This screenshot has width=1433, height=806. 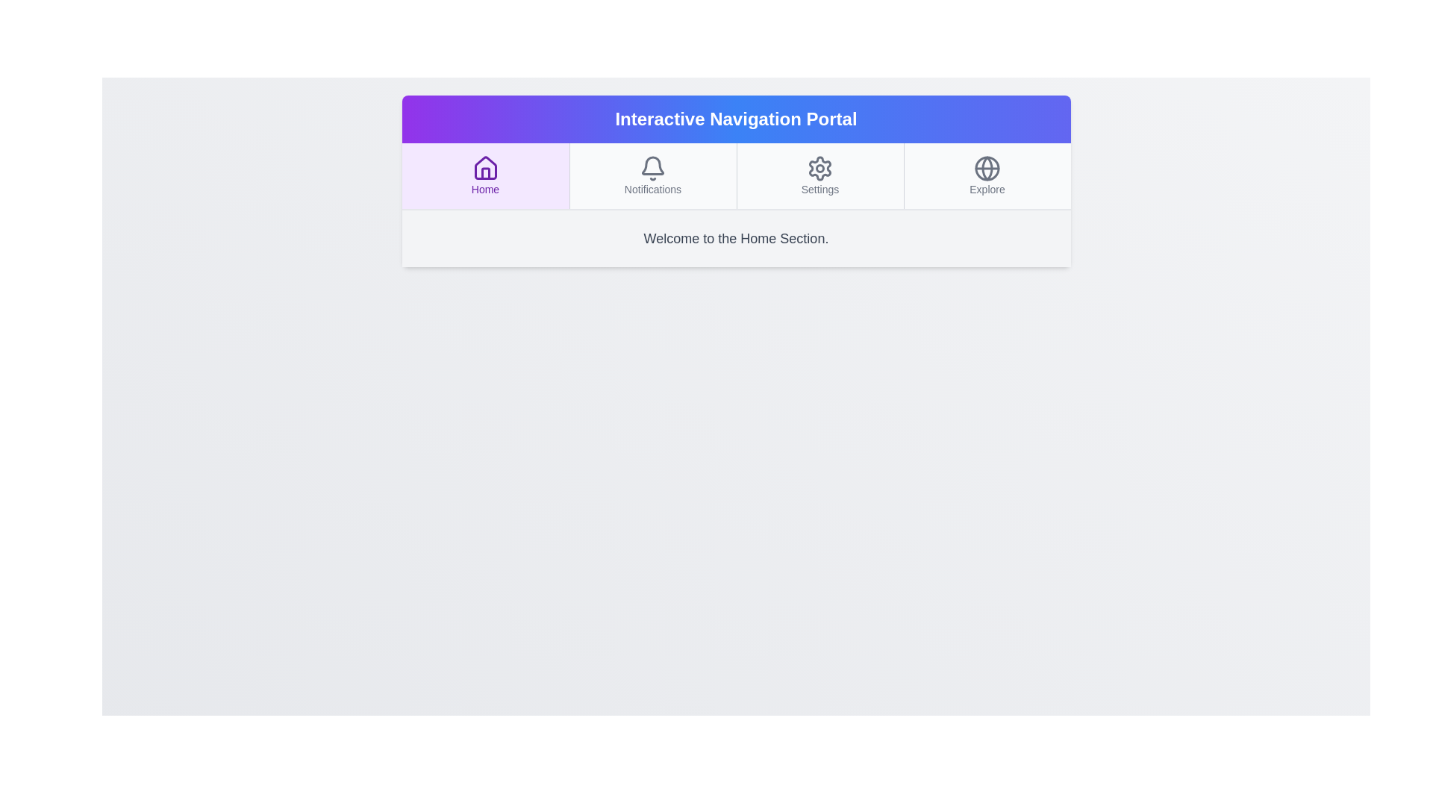 I want to click on the central circular portion of the globe icon, which is the rightmost icon in the navigation bar containing 'Home,' 'Notifications,' 'Settings,' and 'Explore.', so click(x=987, y=168).